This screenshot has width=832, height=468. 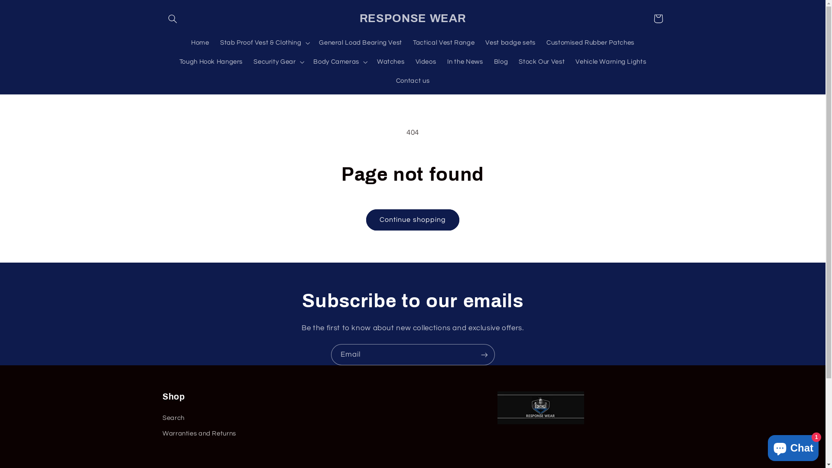 What do you see at coordinates (444, 43) in the screenshot?
I see `'Tactical Vest Range'` at bounding box center [444, 43].